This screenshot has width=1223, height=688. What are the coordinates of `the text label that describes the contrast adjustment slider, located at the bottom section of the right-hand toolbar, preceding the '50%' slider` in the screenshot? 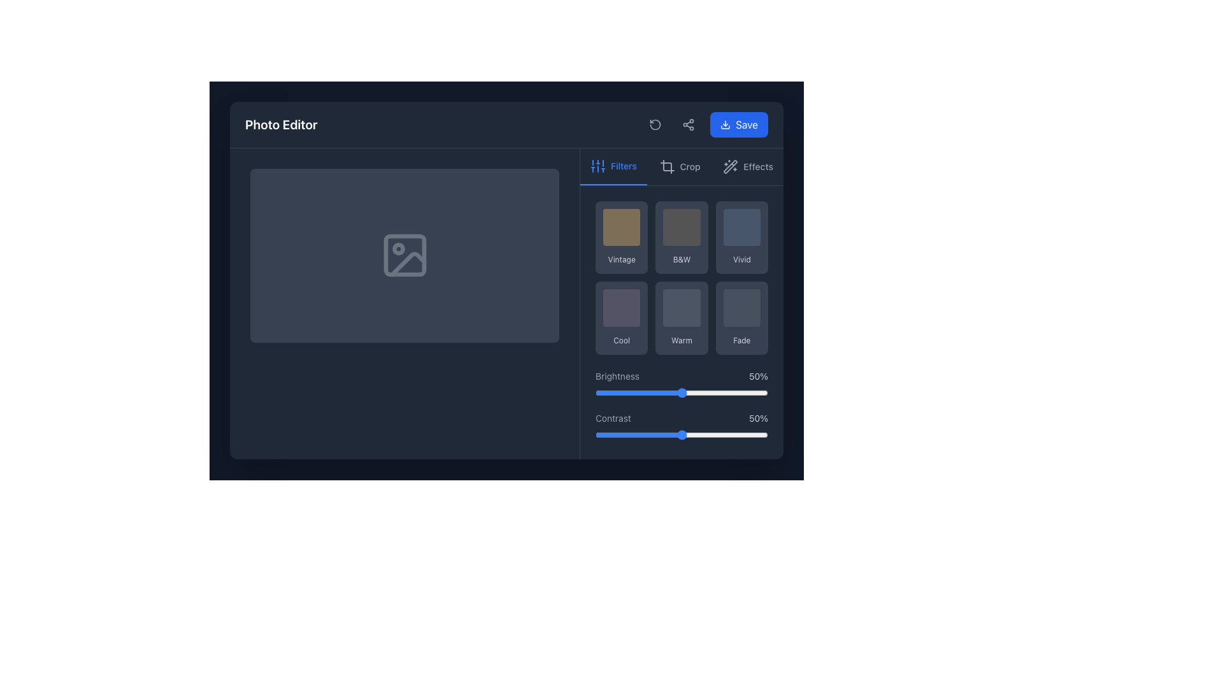 It's located at (613, 418).